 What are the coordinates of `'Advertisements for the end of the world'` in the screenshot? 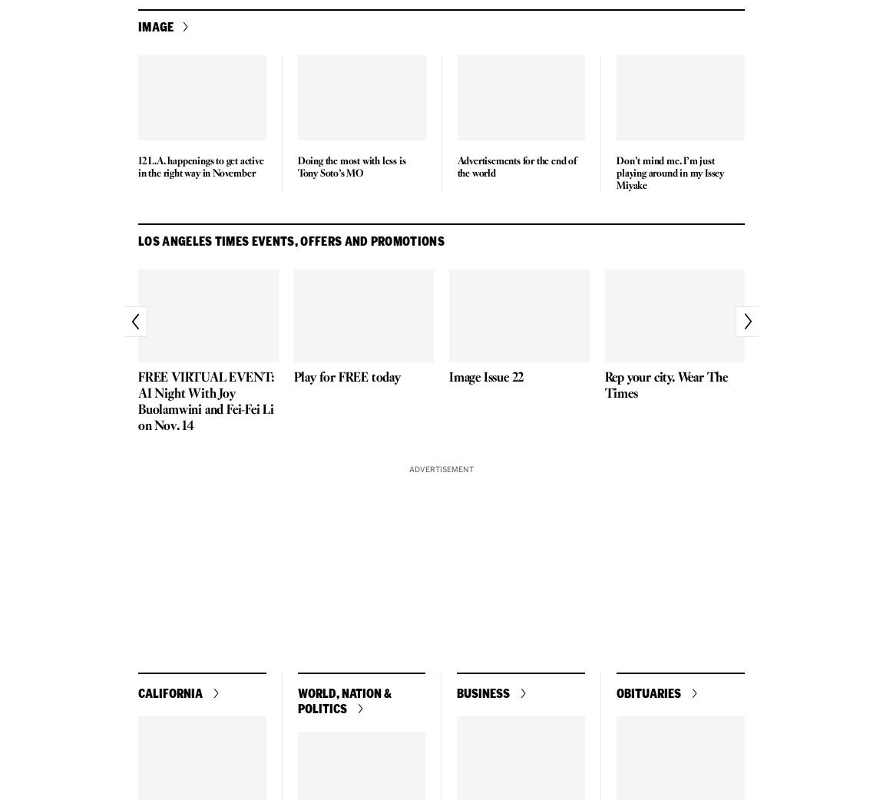 It's located at (515, 166).